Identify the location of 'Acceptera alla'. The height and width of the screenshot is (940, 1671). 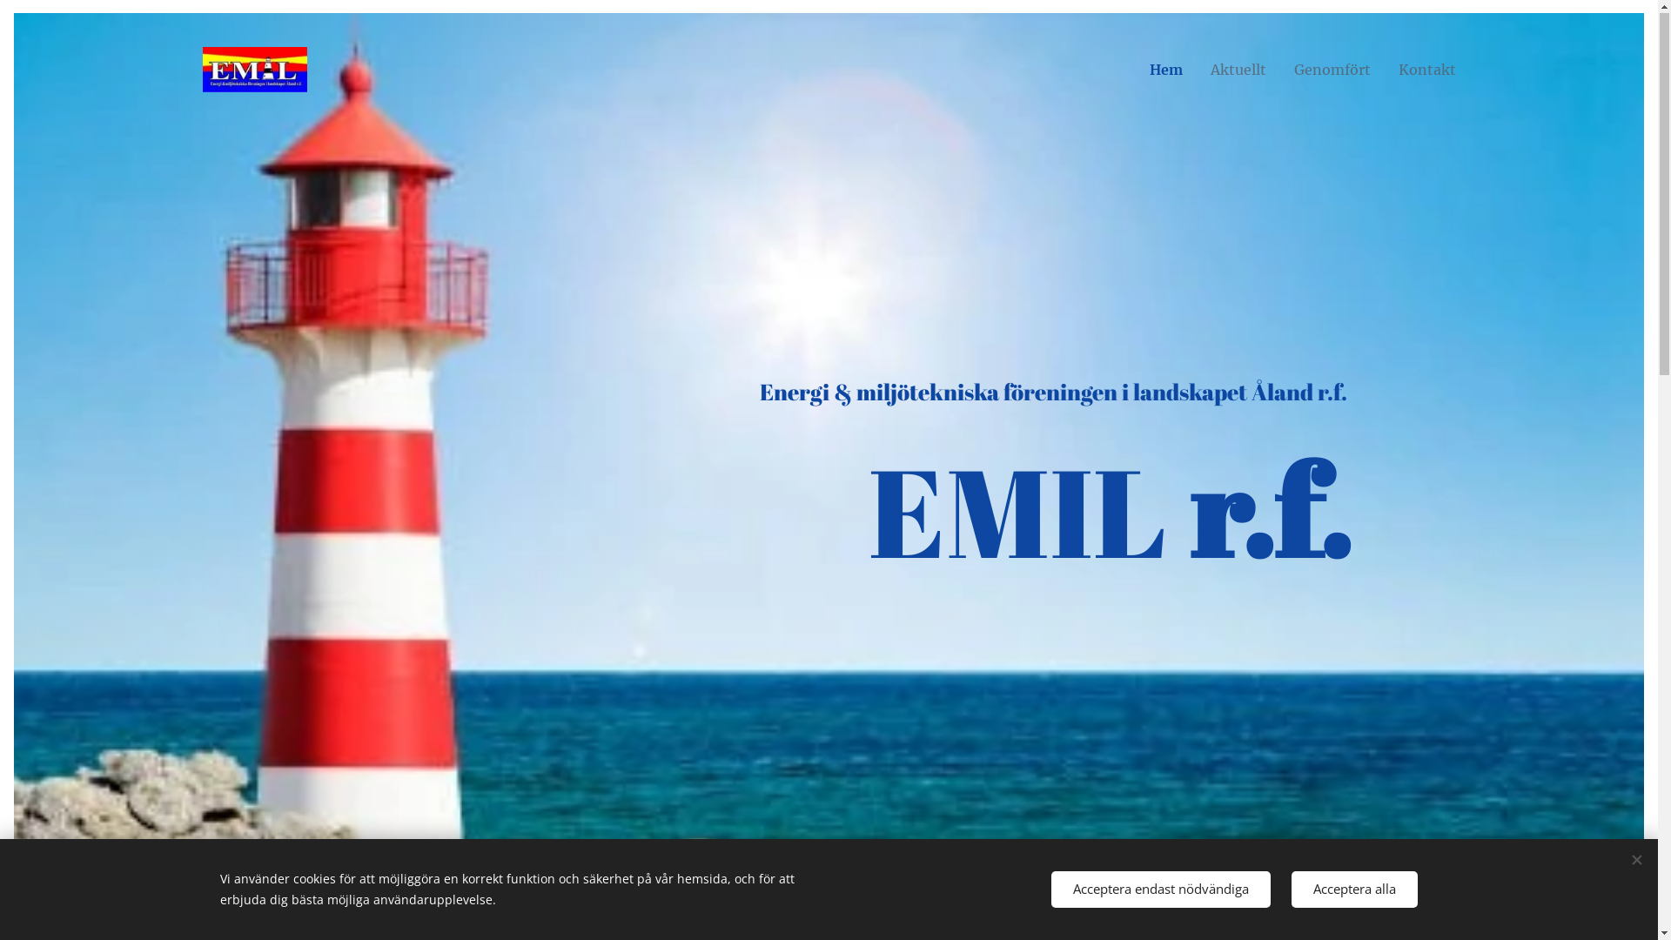
(1353, 890).